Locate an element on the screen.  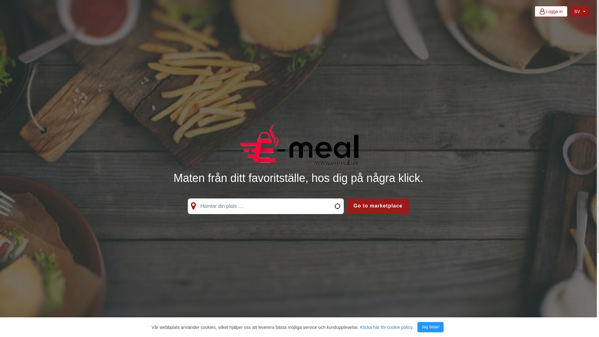
'Jag fattar!' is located at coordinates (417, 327).